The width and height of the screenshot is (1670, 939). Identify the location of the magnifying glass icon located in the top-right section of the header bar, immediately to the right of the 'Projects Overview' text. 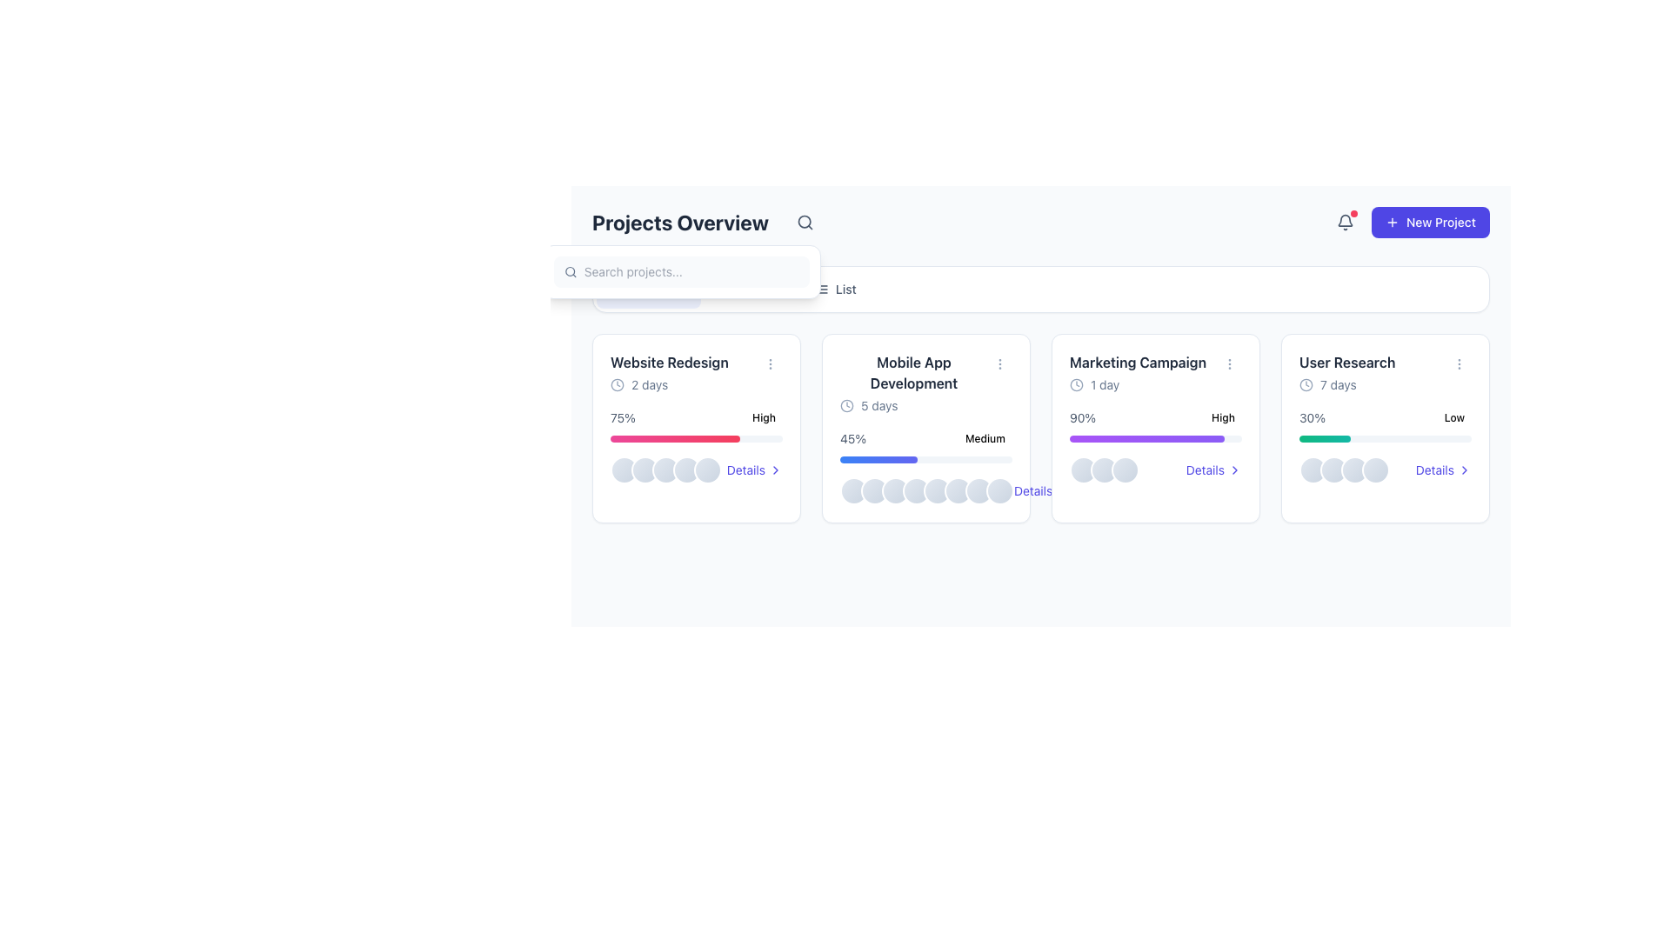
(805, 221).